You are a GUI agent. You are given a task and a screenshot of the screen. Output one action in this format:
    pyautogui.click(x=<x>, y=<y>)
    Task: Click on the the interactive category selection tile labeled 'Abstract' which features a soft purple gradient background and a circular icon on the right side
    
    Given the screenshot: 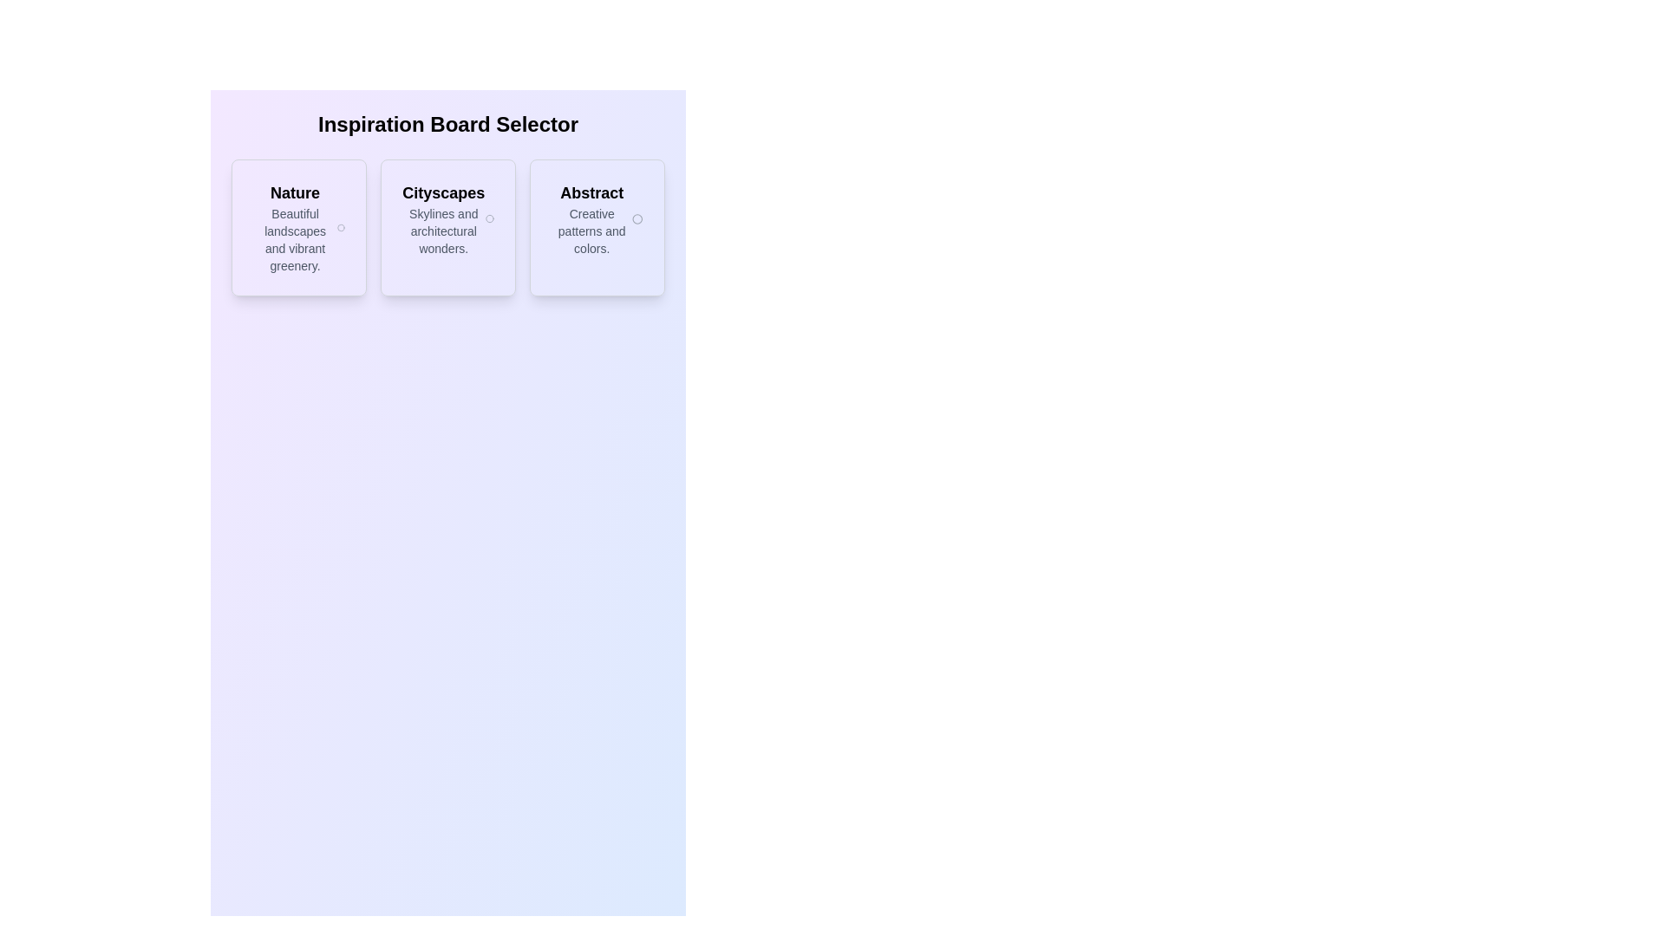 What is the action you would take?
    pyautogui.click(x=597, y=226)
    